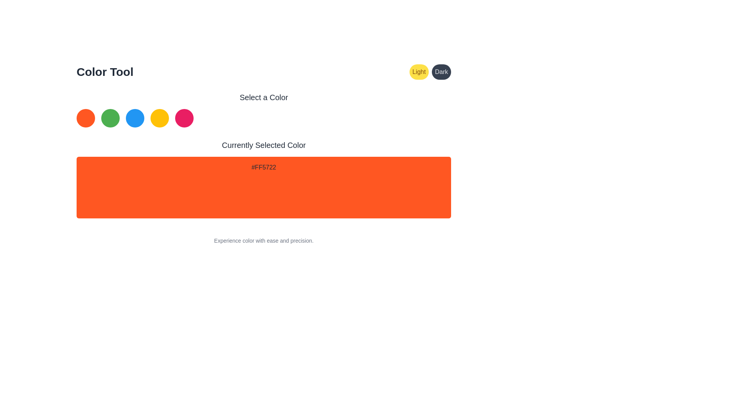 This screenshot has width=739, height=416. What do you see at coordinates (441, 72) in the screenshot?
I see `the button located in the top-right corner of the interface, which is used to toggle the color mode to a darker theme` at bounding box center [441, 72].